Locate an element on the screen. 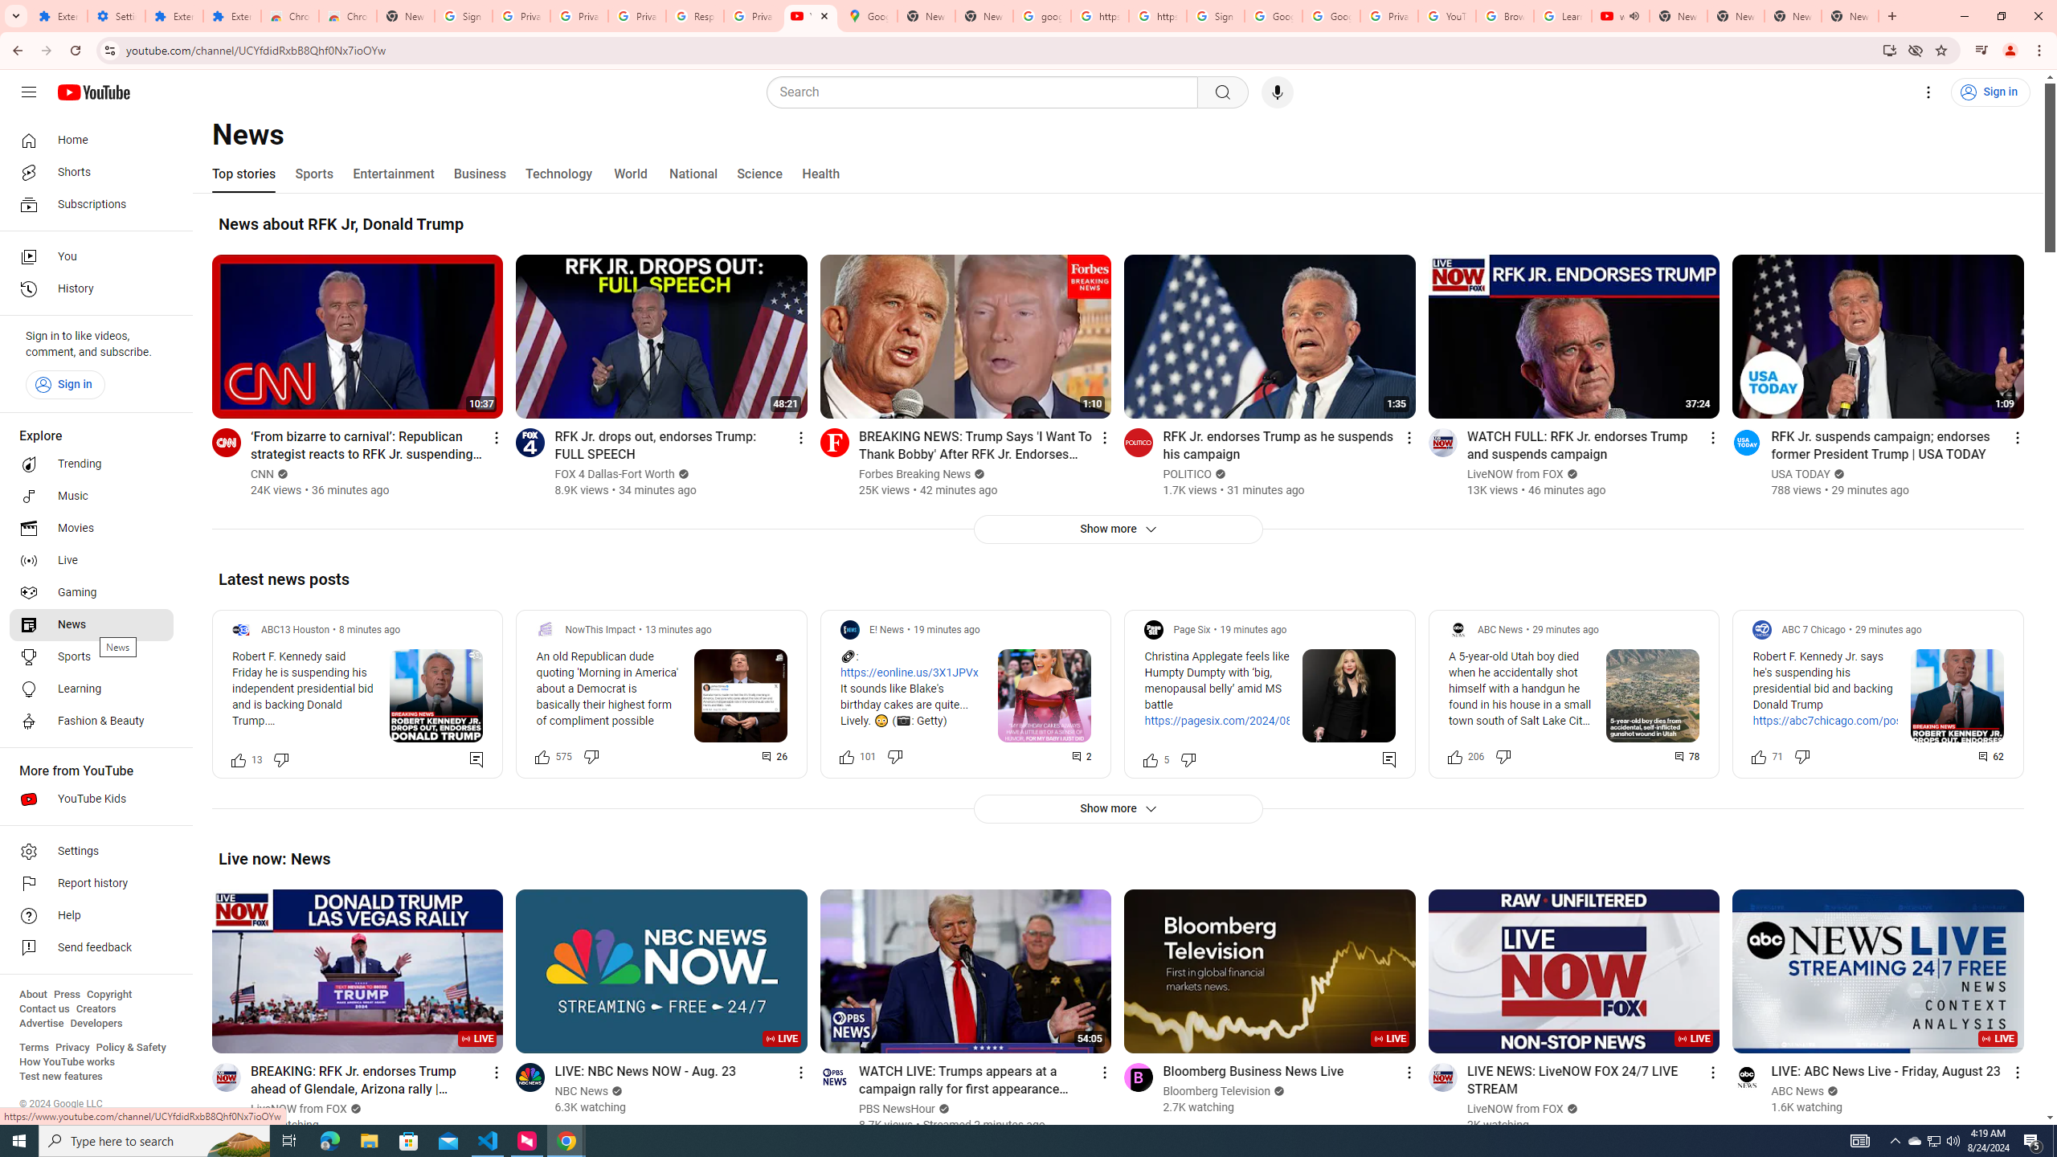  'Third-party cookies blocked' is located at coordinates (1916, 49).